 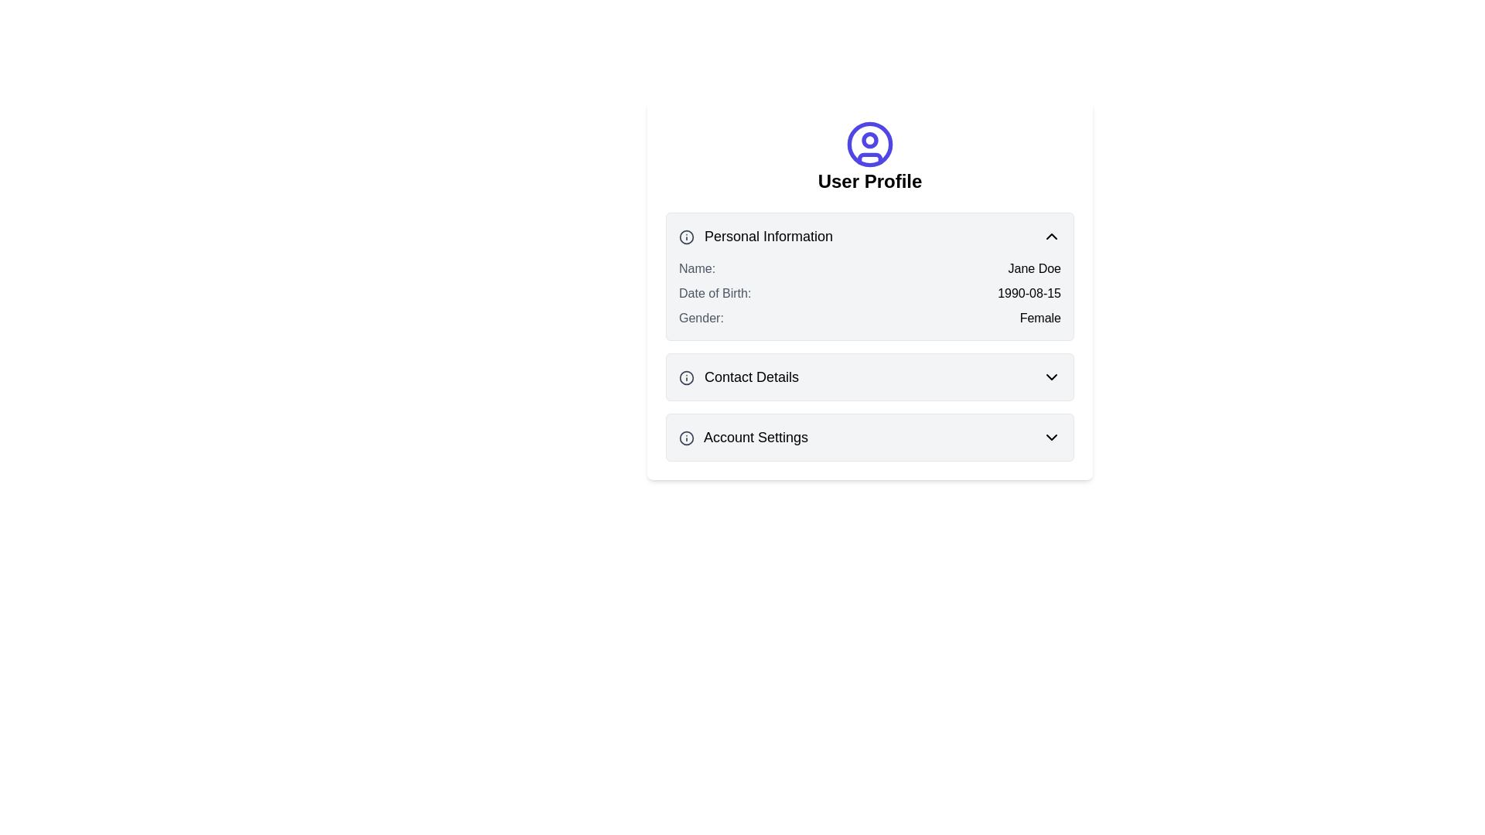 What do you see at coordinates (700, 318) in the screenshot?
I see `the 'Gender' label in the 'Personal Information' section, which is located below the 'Date of Birth' label and to the left of the value 'Female'` at bounding box center [700, 318].